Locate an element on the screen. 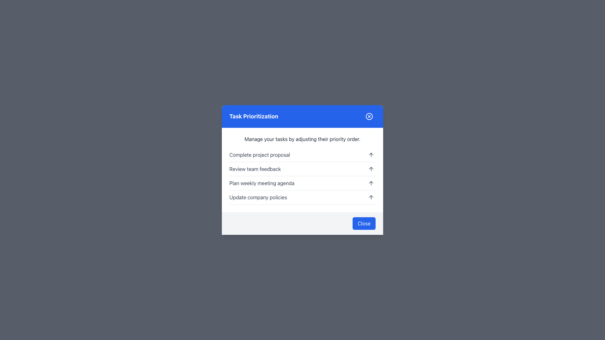  the close button located at the top-right corner of the 'Task Prioritization' dialog is located at coordinates (369, 116).